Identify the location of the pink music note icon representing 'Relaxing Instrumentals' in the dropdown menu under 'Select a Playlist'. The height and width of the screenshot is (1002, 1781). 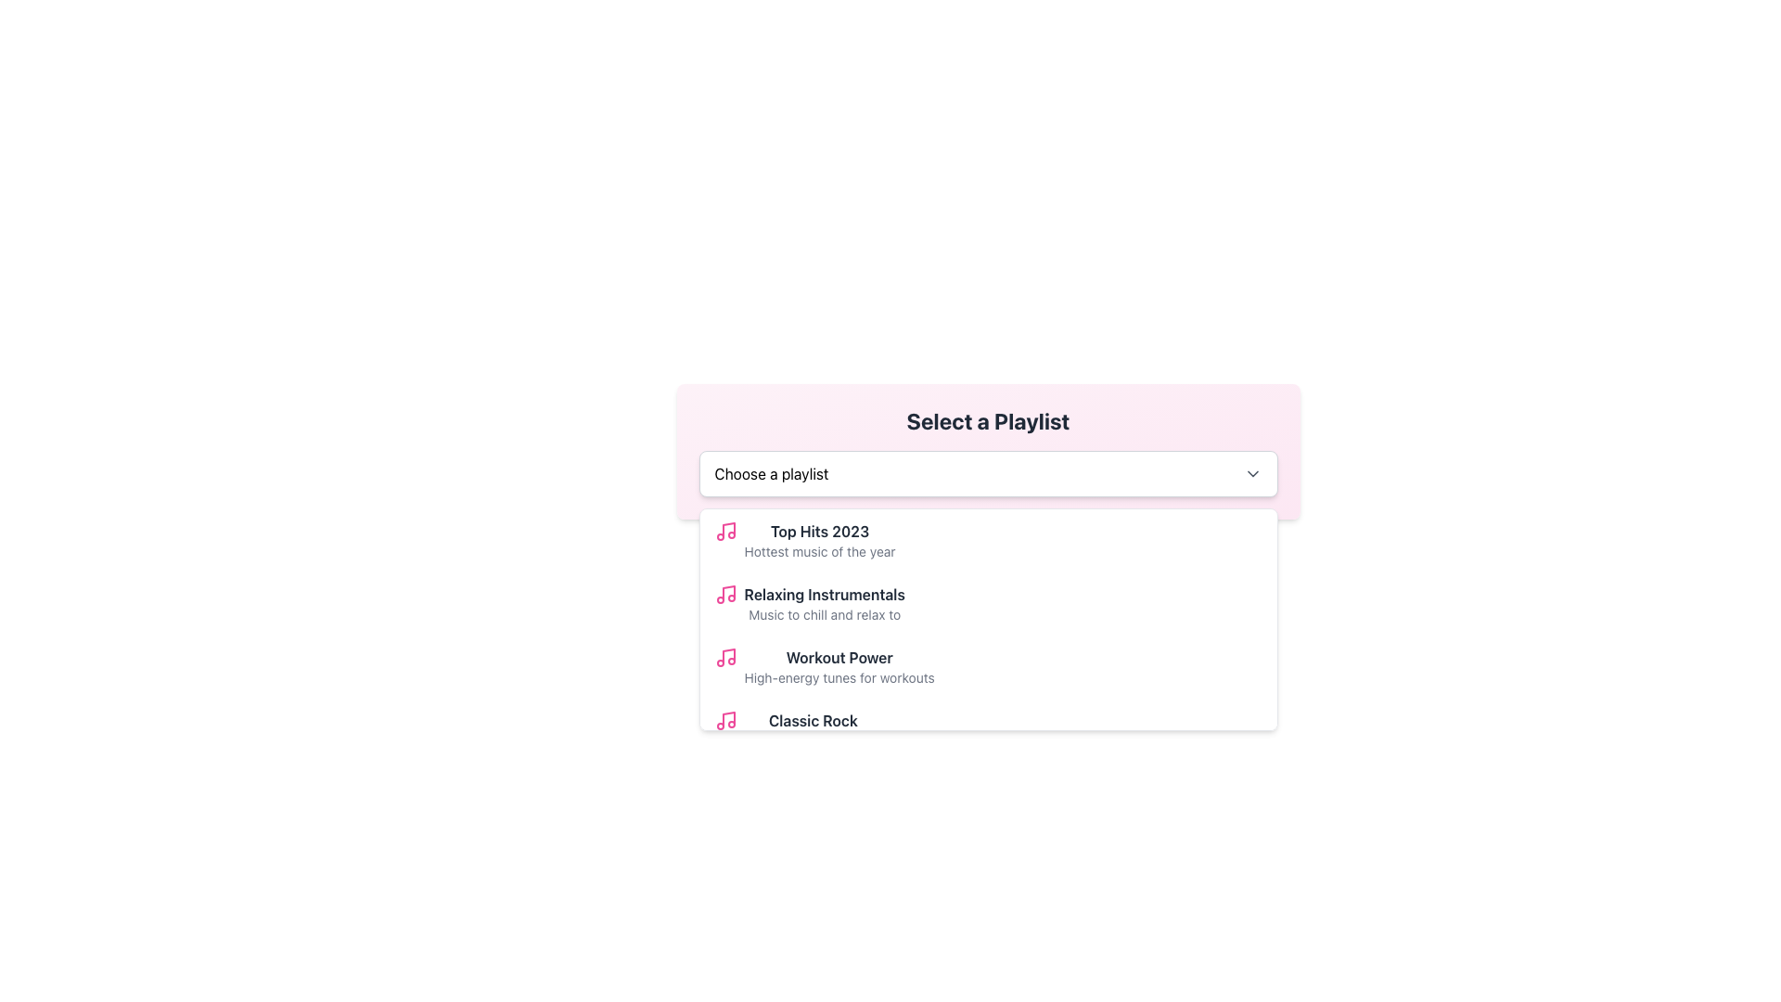
(724, 594).